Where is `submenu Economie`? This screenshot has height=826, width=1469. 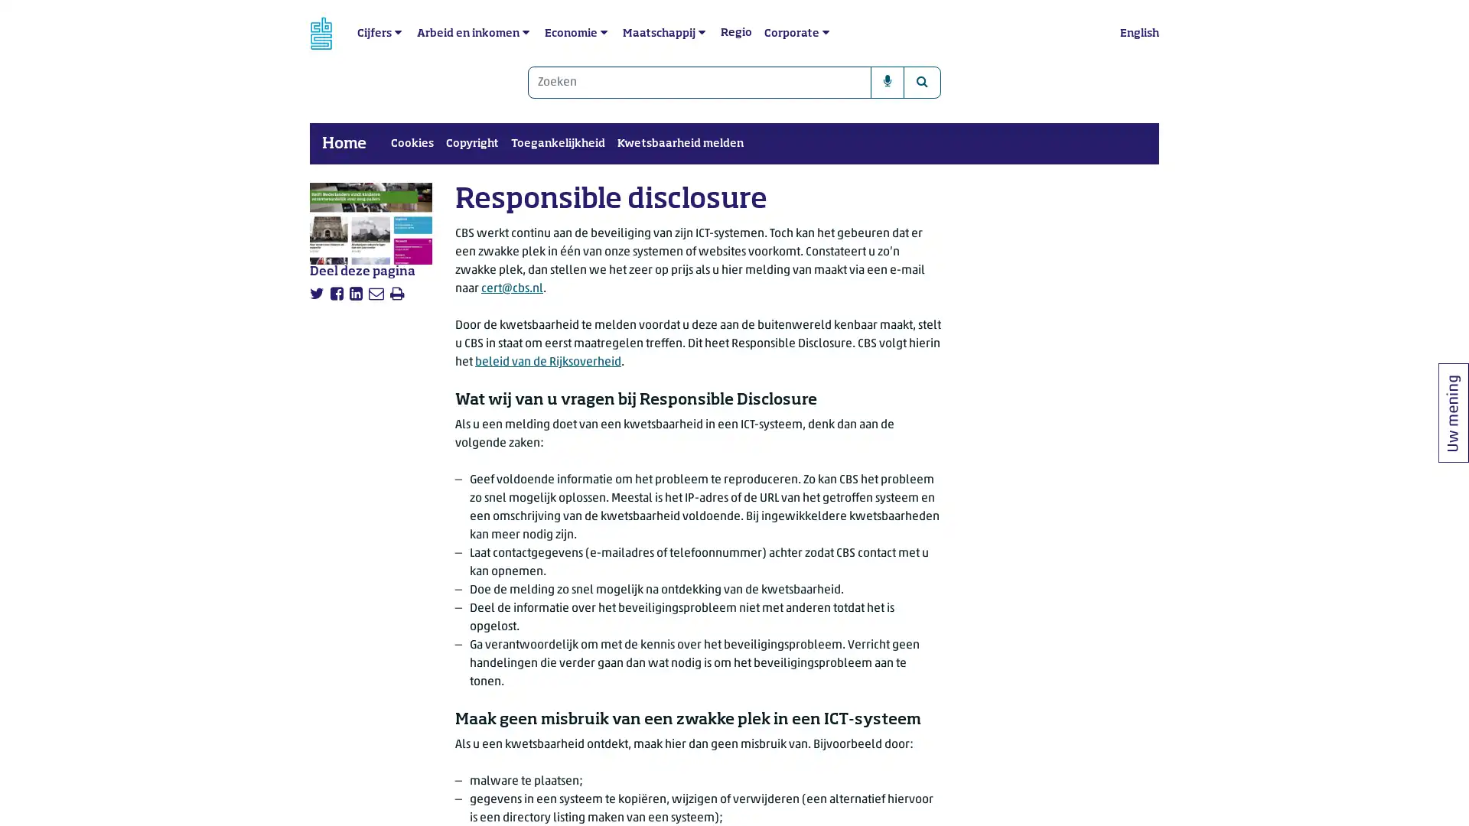
submenu Economie is located at coordinates (603, 32).